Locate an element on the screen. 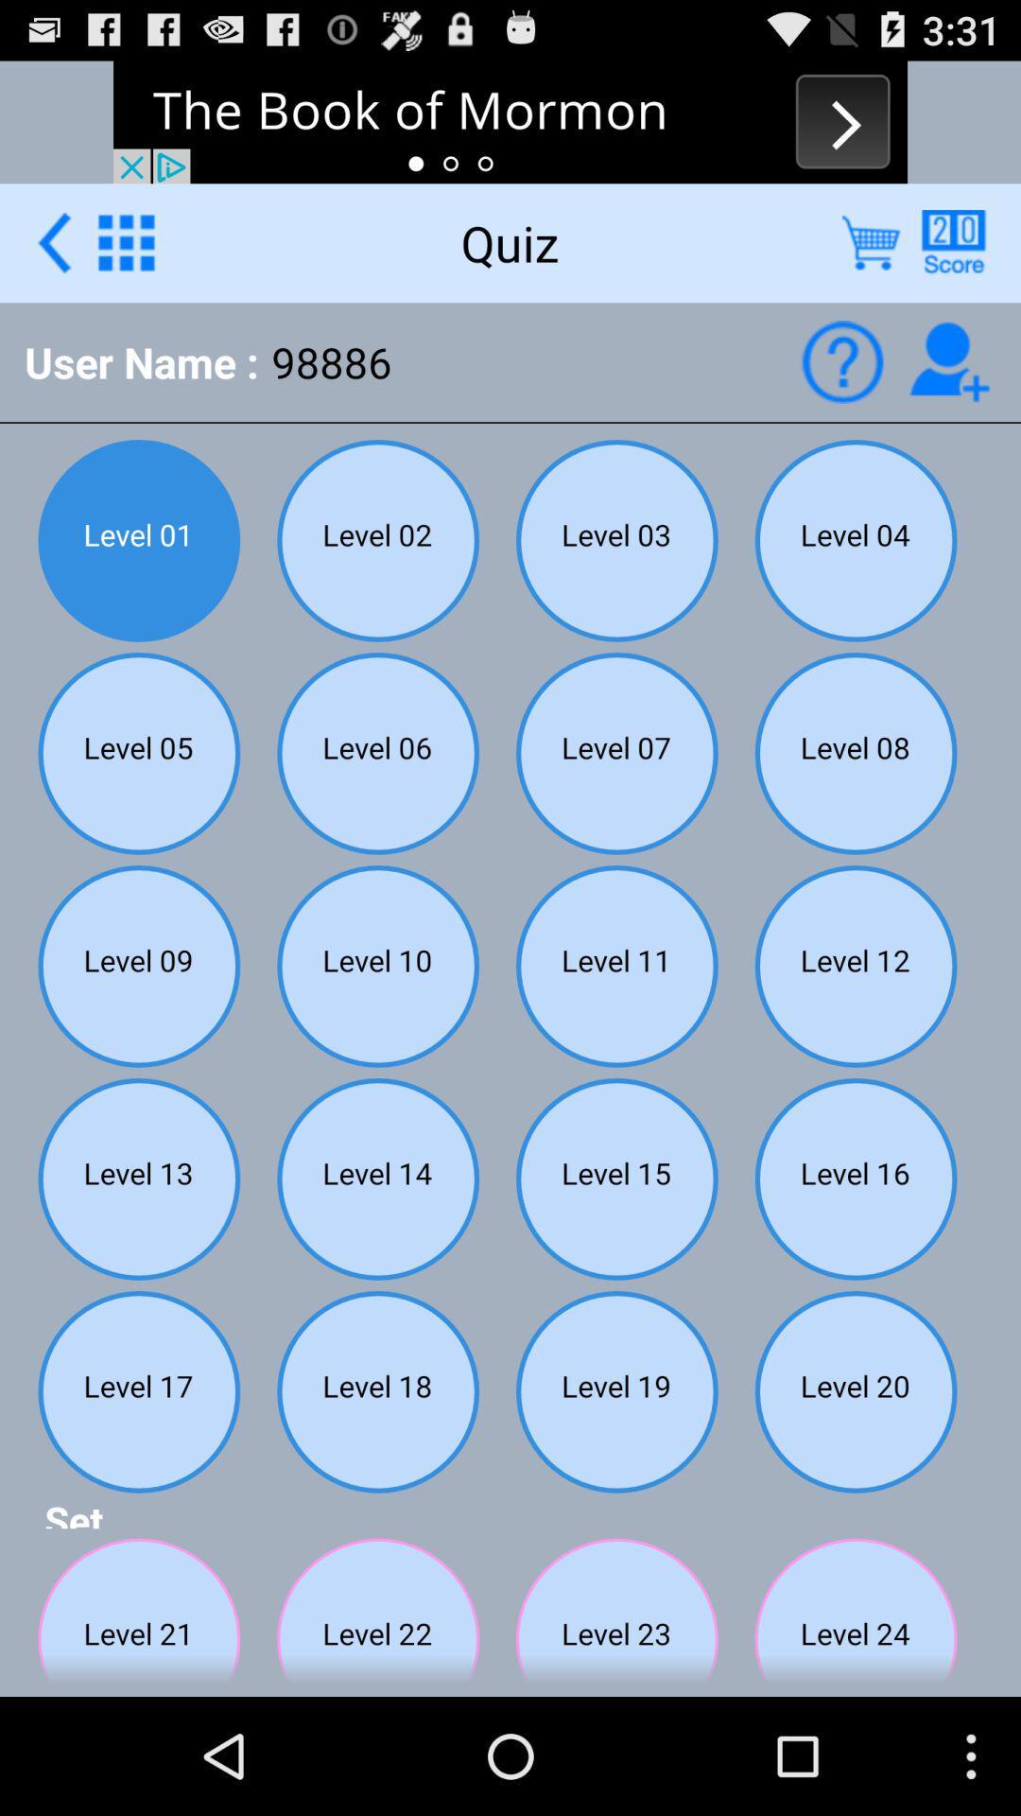 The height and width of the screenshot is (1816, 1021). the help icon is located at coordinates (840, 386).